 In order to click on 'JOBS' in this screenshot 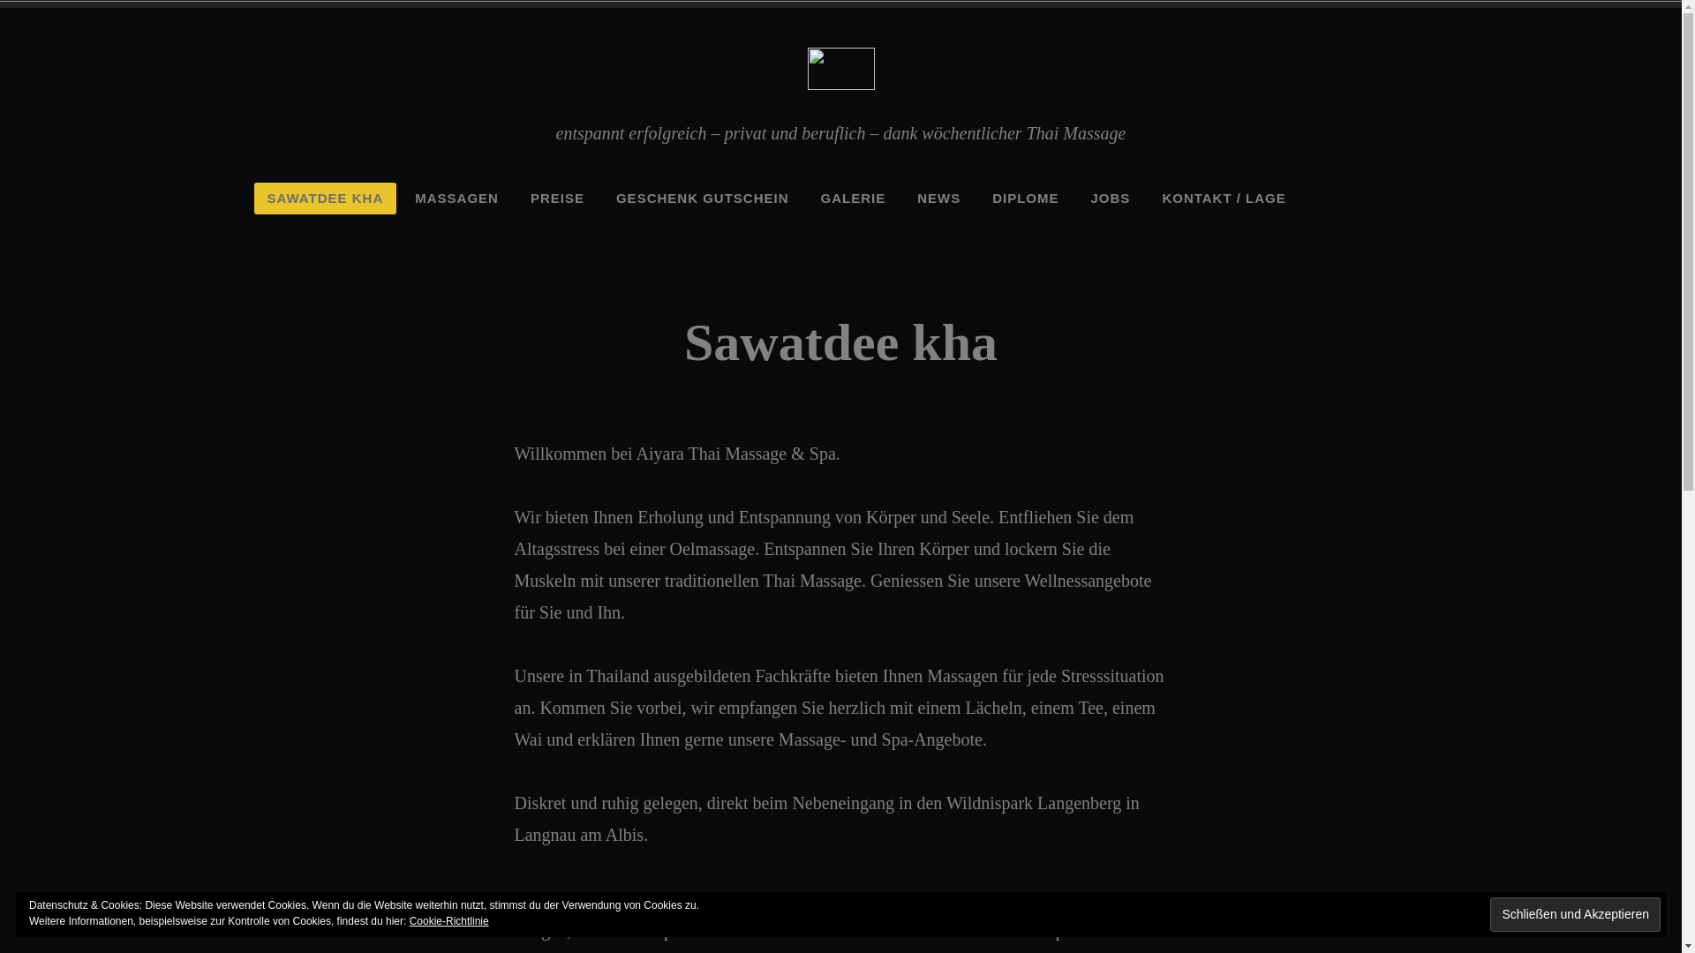, I will do `click(1110, 198)`.